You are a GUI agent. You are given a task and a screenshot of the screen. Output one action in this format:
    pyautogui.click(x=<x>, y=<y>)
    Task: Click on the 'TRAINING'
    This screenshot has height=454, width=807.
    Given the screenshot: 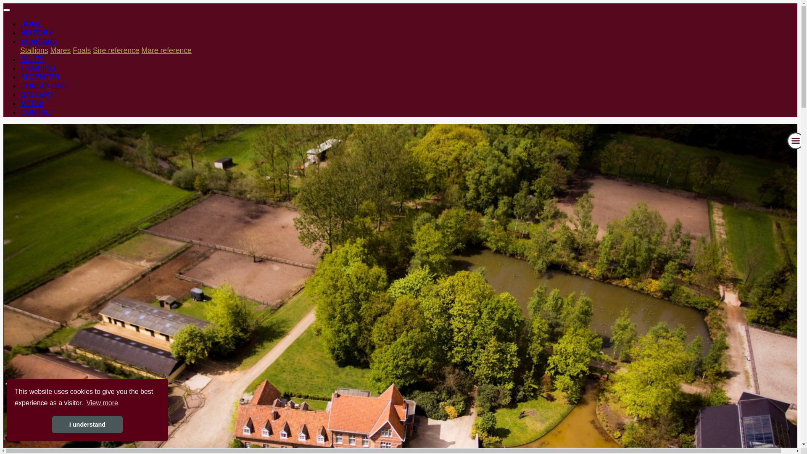 What is the action you would take?
    pyautogui.click(x=20, y=68)
    